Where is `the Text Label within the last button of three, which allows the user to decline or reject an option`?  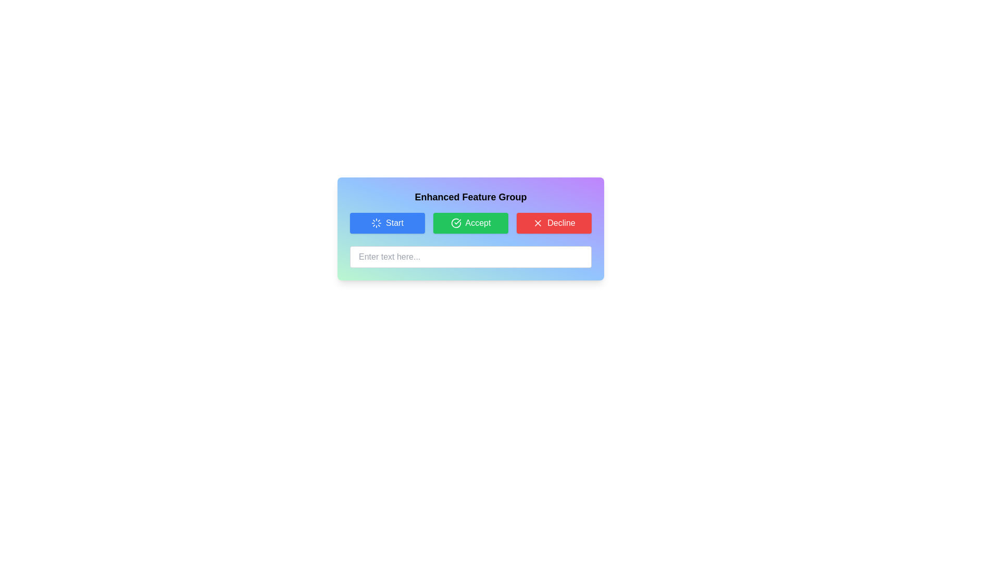
the Text Label within the last button of three, which allows the user to decline or reject an option is located at coordinates (561, 222).